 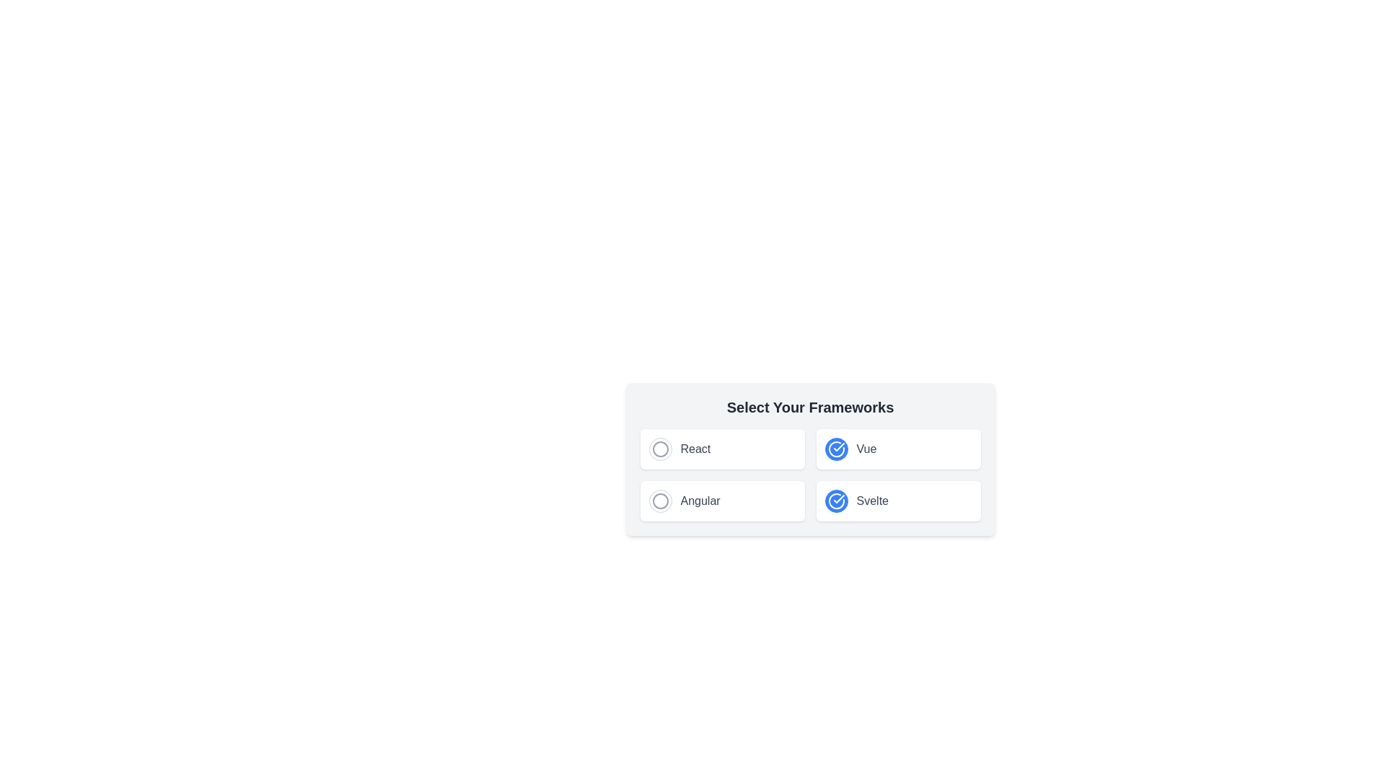 What do you see at coordinates (659, 500) in the screenshot?
I see `the circular button with a gray color scheme and SVG circle icon located in the bottom-left corner of the 'Select Your Frameworks' dialog labeled 'Angular'` at bounding box center [659, 500].